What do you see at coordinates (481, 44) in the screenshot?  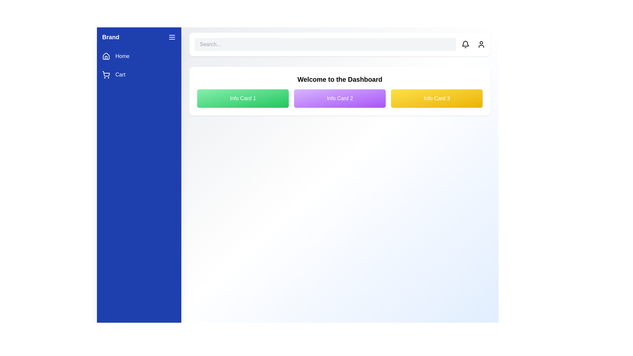 I see `the user icon to access profile options` at bounding box center [481, 44].